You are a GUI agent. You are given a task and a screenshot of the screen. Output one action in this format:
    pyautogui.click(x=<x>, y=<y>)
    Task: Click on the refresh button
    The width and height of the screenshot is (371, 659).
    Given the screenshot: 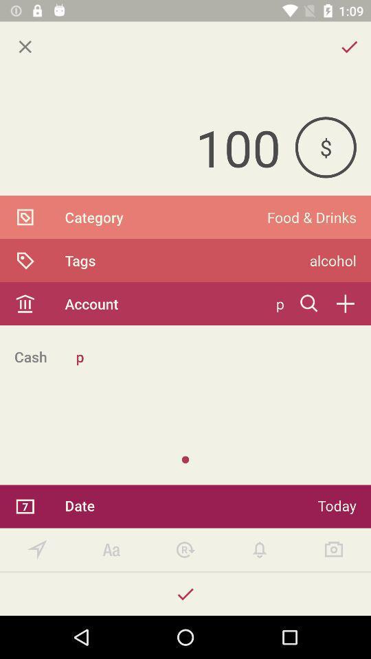 What is the action you would take?
    pyautogui.click(x=185, y=550)
    